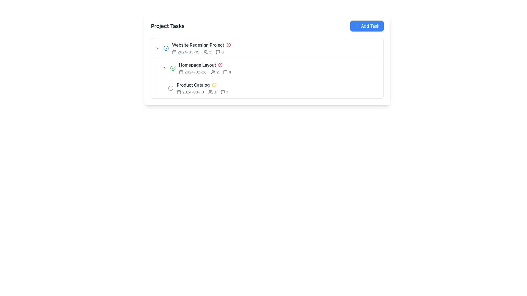 The image size is (527, 296). What do you see at coordinates (279, 68) in the screenshot?
I see `the second list item labeled 'Homepage Layout' to focus or expand its details` at bounding box center [279, 68].